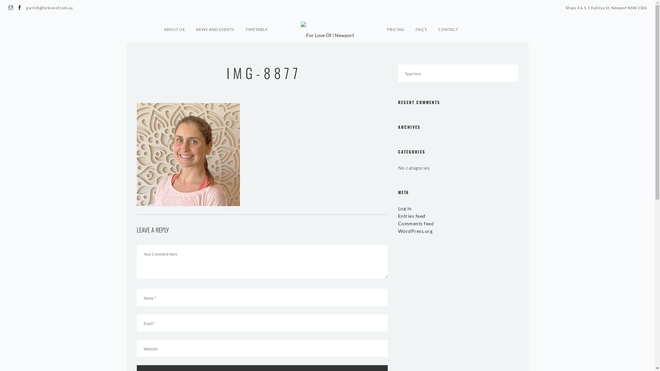 The height and width of the screenshot is (371, 660). I want to click on 'Log in', so click(405, 208).